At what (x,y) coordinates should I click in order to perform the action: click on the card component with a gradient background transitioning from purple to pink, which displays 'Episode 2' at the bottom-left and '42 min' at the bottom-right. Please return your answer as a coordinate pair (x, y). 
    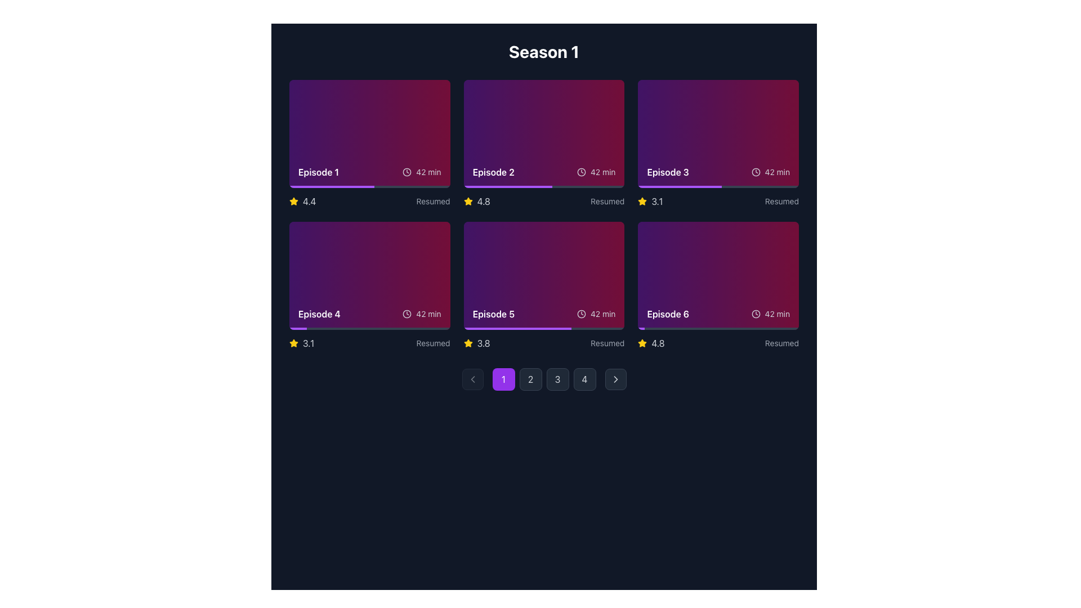
    Looking at the image, I should click on (544, 133).